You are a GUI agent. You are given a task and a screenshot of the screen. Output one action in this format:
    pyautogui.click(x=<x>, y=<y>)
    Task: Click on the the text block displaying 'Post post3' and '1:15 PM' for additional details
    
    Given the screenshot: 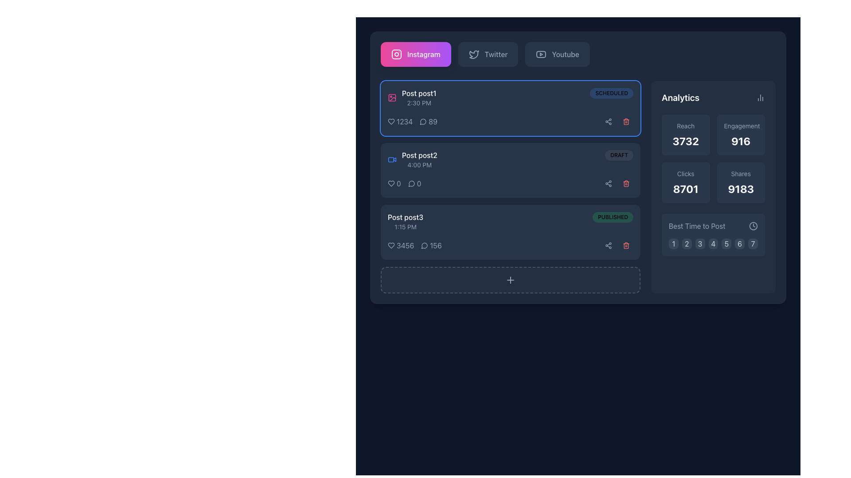 What is the action you would take?
    pyautogui.click(x=405, y=221)
    